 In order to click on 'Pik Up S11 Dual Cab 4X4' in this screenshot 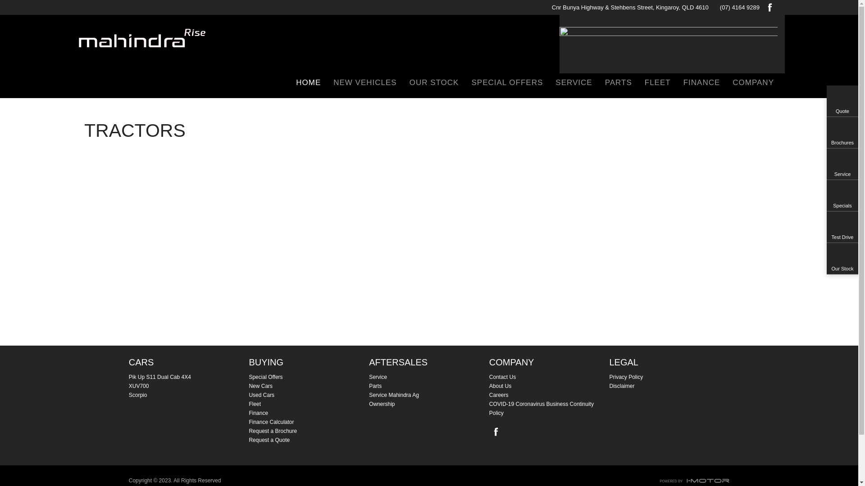, I will do `click(188, 377)`.